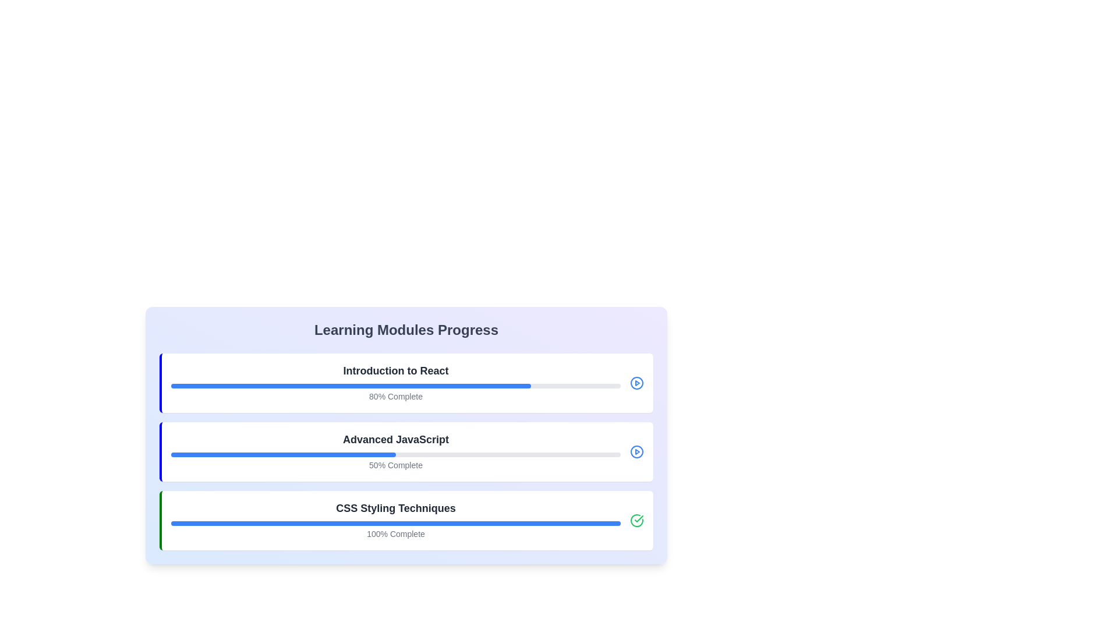 The height and width of the screenshot is (629, 1118). I want to click on the blue progress indicator bar that displays 80% completion within the progress bar of the 'Introduction to React' module, so click(350, 386).